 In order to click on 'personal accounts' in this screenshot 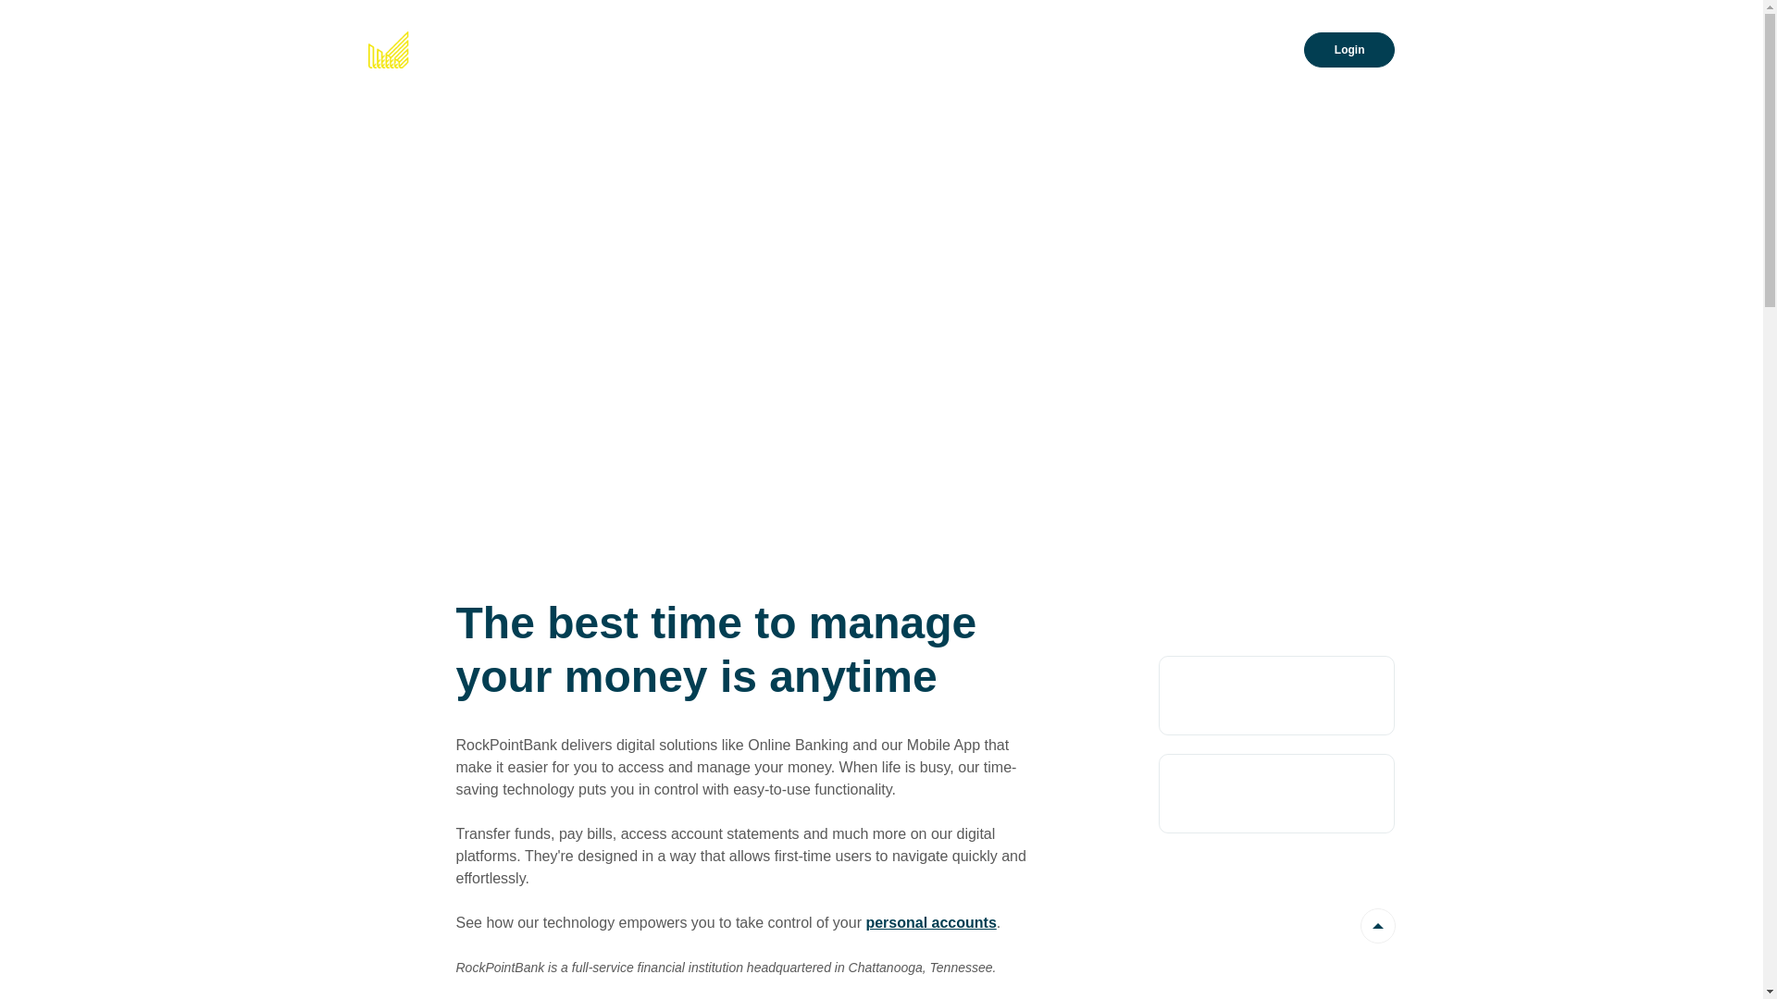, I will do `click(864, 922)`.